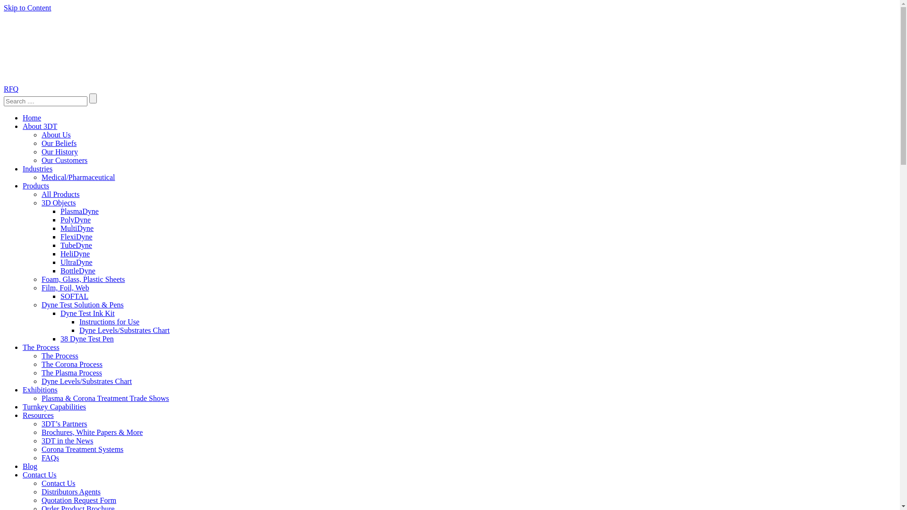 Image resolution: width=907 pixels, height=510 pixels. I want to click on 'Medical/Pharmaceutical', so click(78, 177).